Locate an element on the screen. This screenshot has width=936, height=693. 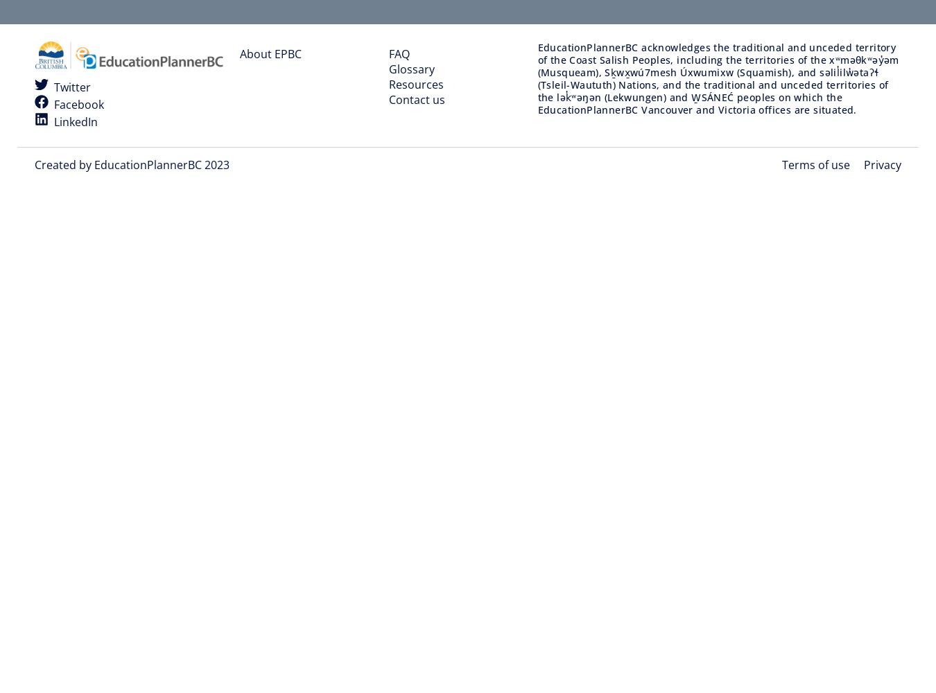
'FAQ' is located at coordinates (398, 53).